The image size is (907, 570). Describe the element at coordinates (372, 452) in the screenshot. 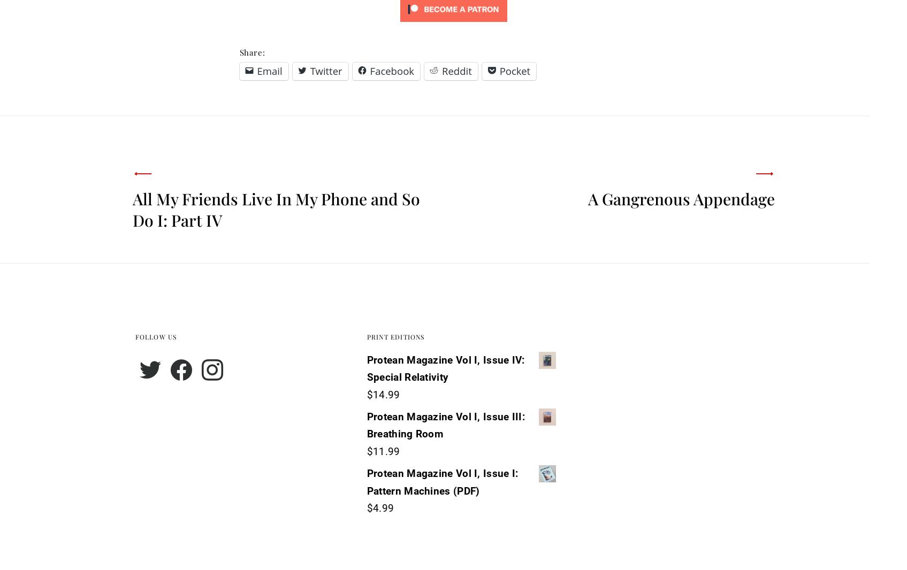

I see `'11.99'` at that location.